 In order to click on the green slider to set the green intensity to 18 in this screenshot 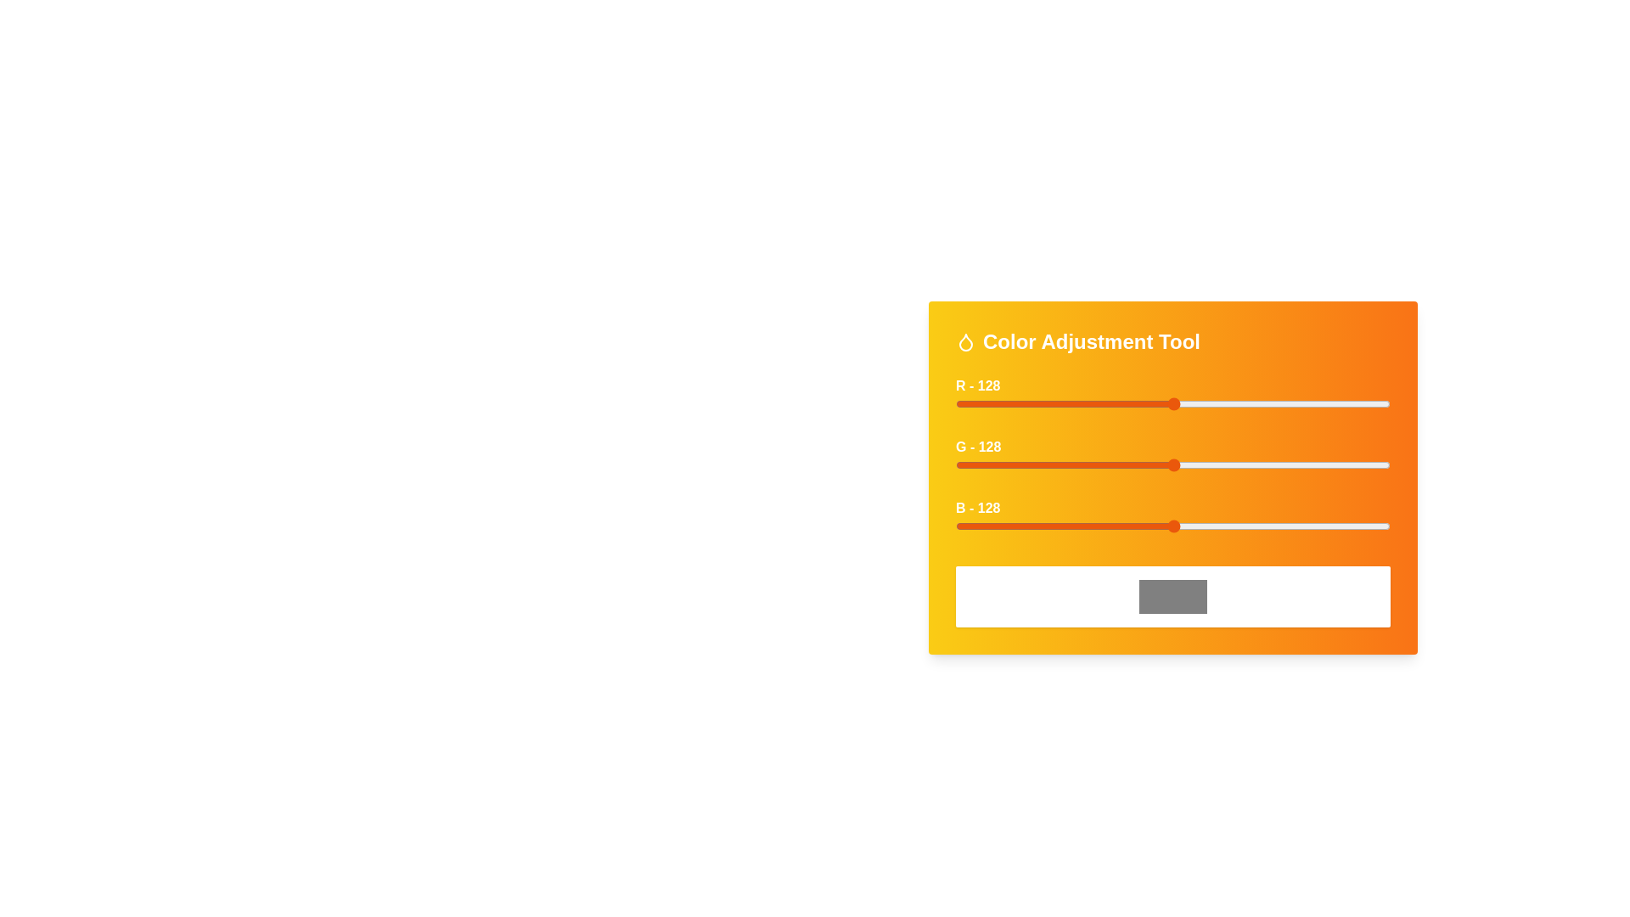, I will do `click(986, 464)`.